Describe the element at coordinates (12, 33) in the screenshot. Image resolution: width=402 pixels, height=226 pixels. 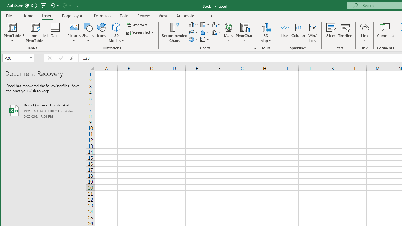
I see `'PivotTable'` at that location.